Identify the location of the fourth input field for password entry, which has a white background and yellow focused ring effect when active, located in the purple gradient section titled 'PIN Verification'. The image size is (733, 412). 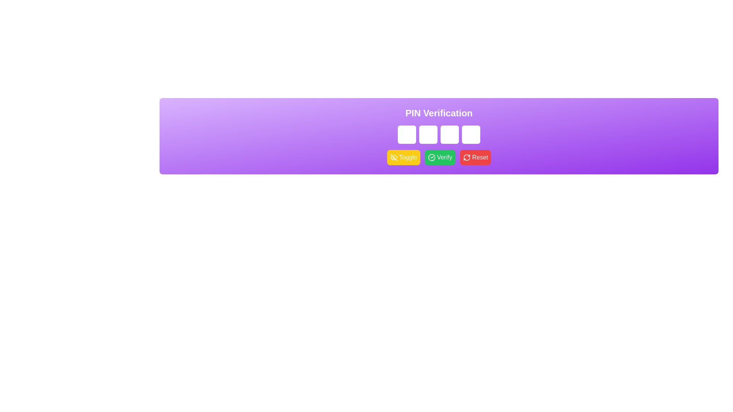
(470, 134).